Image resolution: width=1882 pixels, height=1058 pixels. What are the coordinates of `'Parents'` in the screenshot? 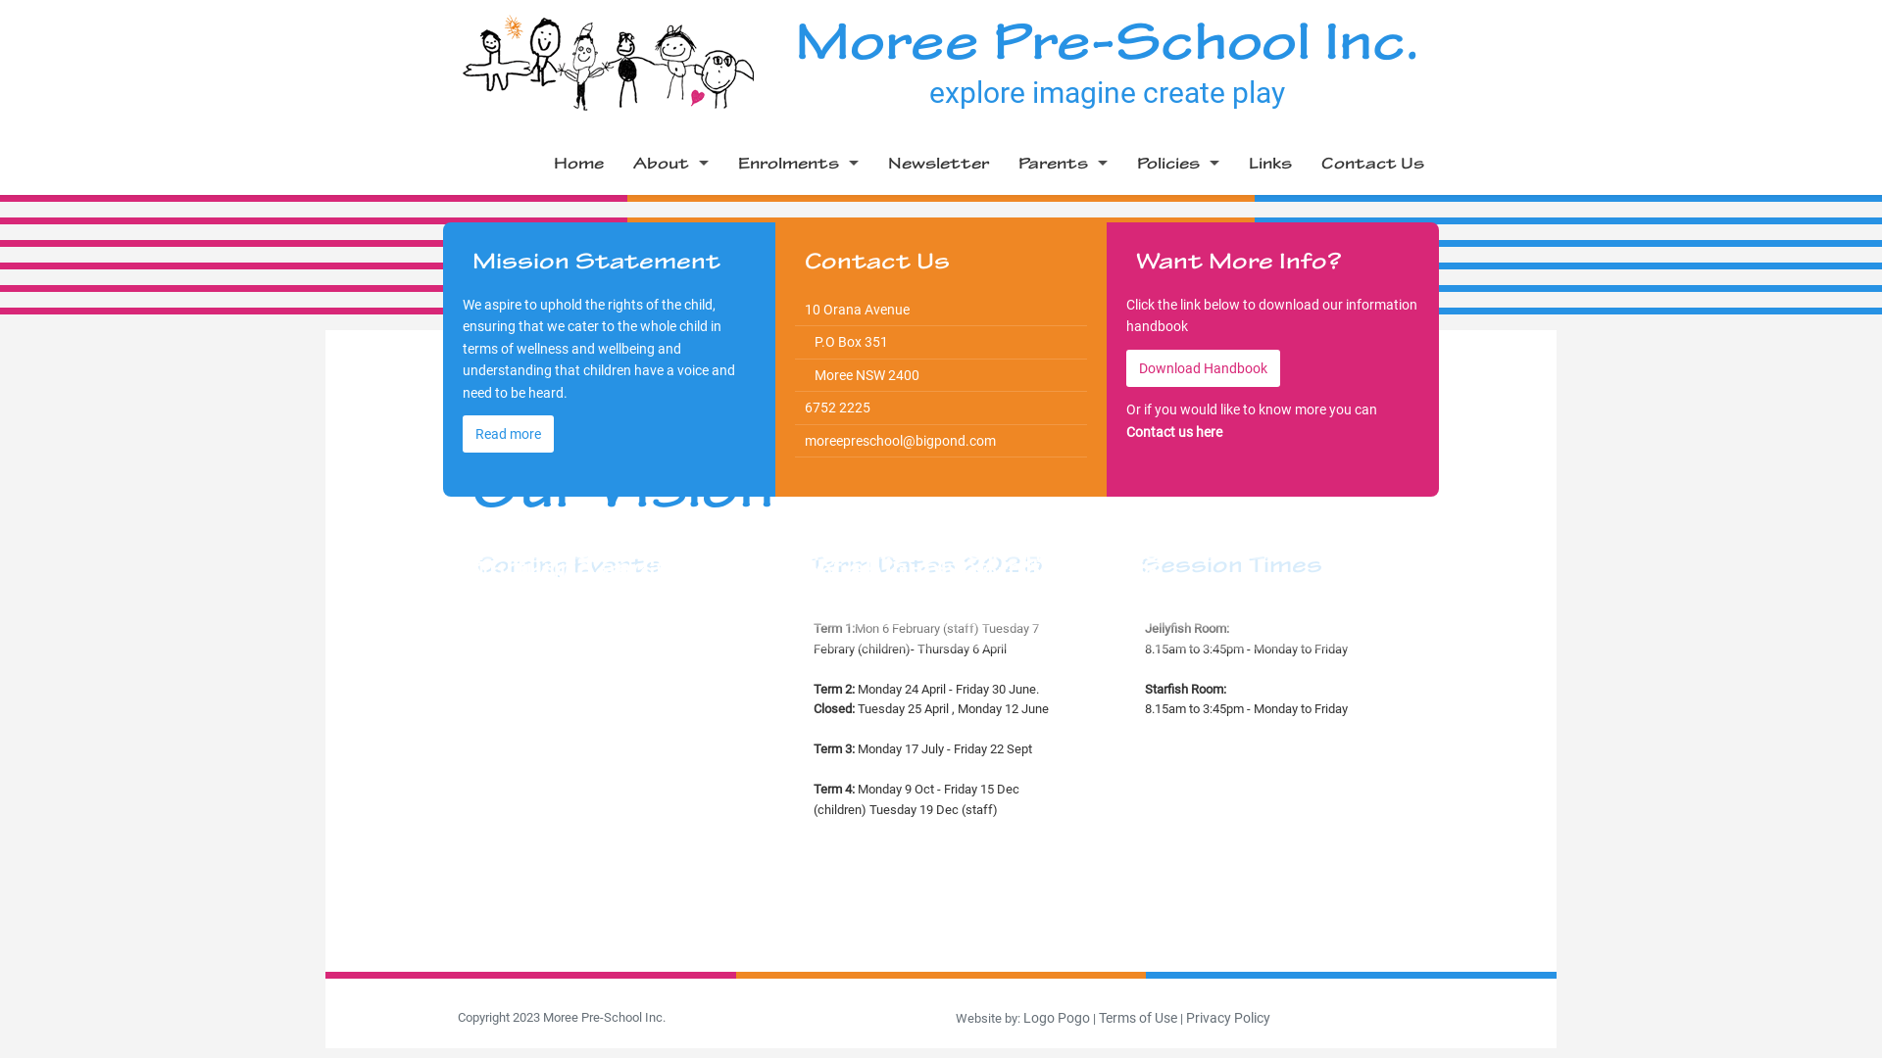 It's located at (1062, 162).